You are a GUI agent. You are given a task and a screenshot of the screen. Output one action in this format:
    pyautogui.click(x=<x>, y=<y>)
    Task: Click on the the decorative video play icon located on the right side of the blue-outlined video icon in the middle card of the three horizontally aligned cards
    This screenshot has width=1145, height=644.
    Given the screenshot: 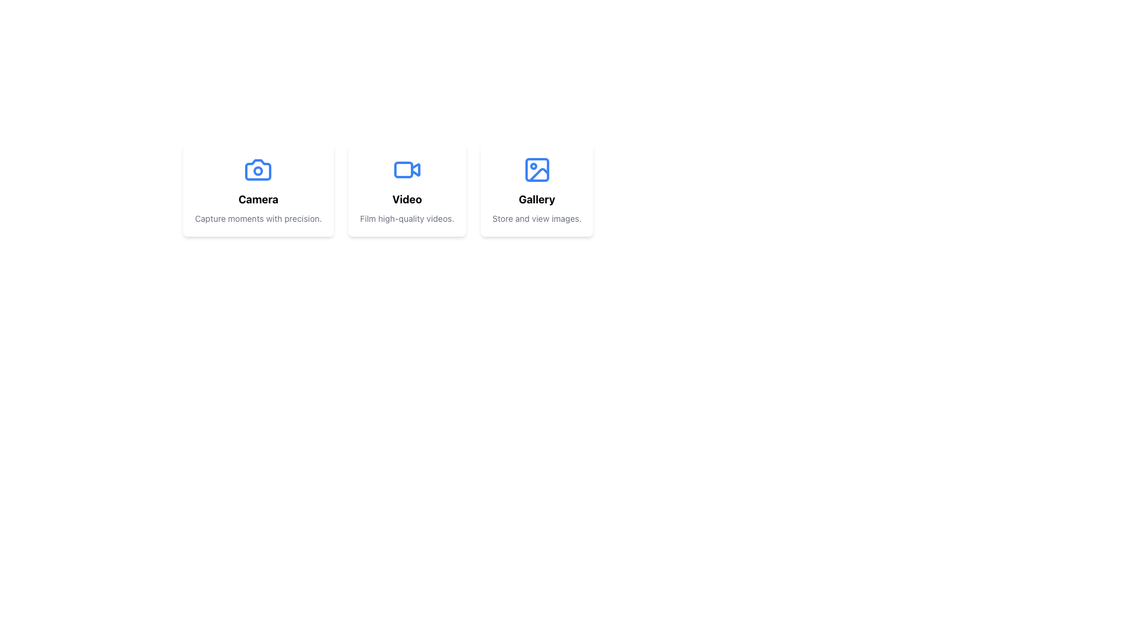 What is the action you would take?
    pyautogui.click(x=415, y=169)
    